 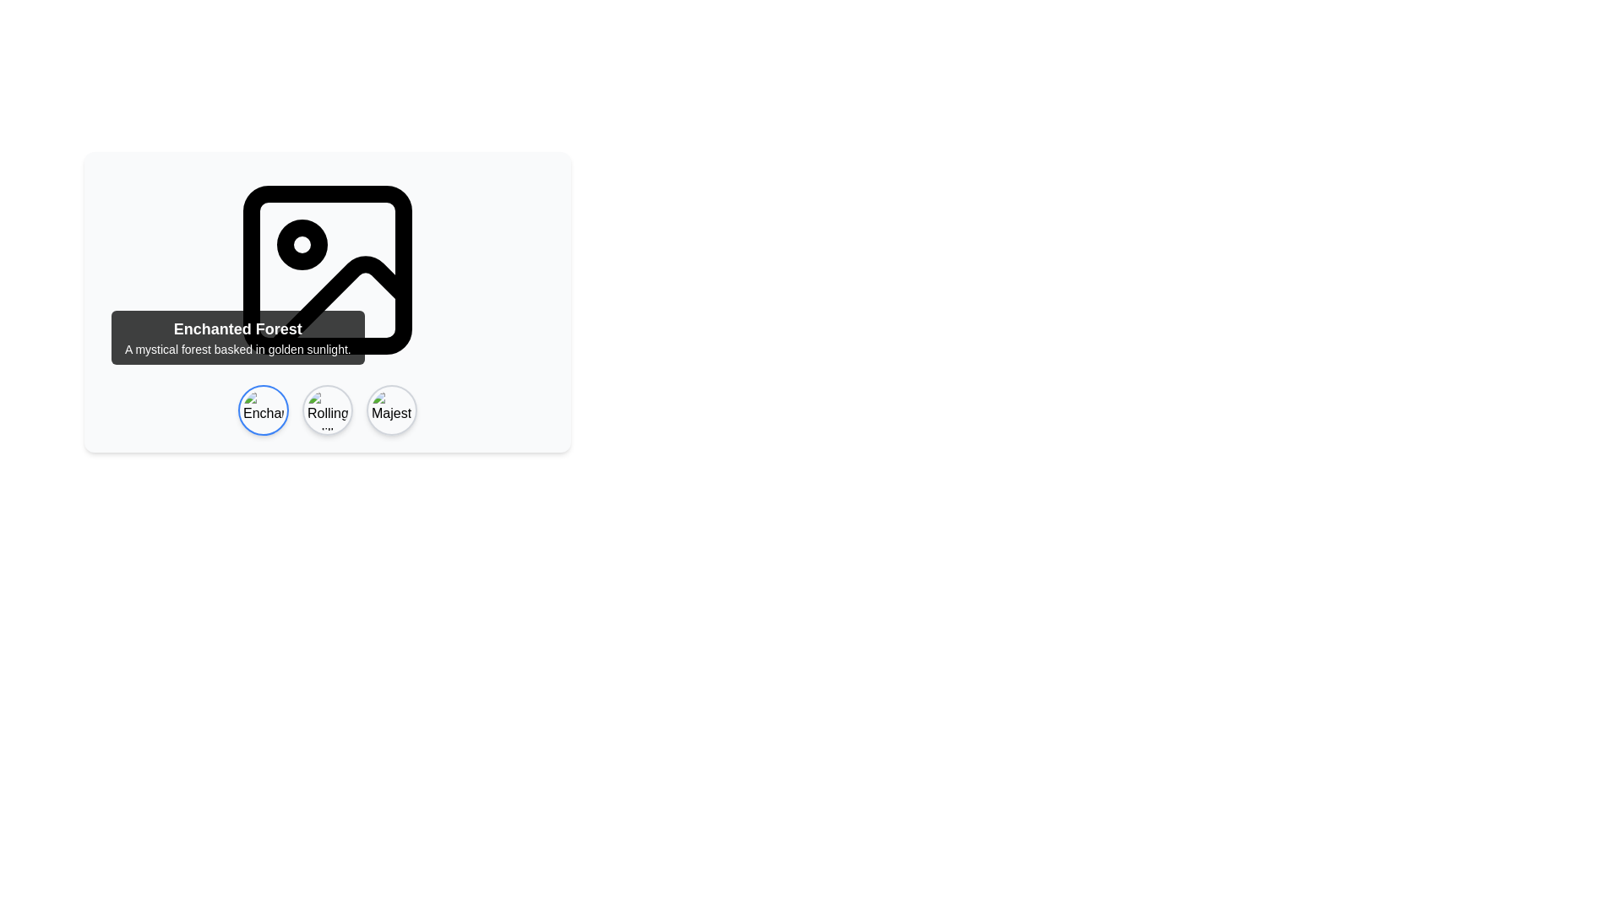 What do you see at coordinates (263, 410) in the screenshot?
I see `the first interactive circular button with a blue border and an embedded landscape image to observe the scaling effect` at bounding box center [263, 410].